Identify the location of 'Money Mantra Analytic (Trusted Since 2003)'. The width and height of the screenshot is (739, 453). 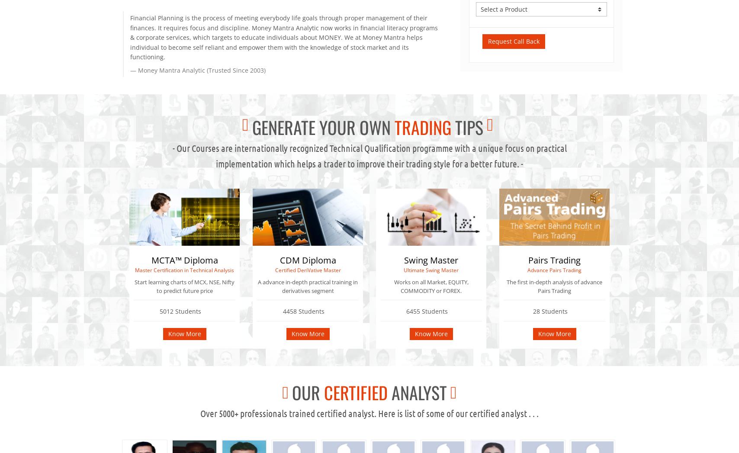
(202, 70).